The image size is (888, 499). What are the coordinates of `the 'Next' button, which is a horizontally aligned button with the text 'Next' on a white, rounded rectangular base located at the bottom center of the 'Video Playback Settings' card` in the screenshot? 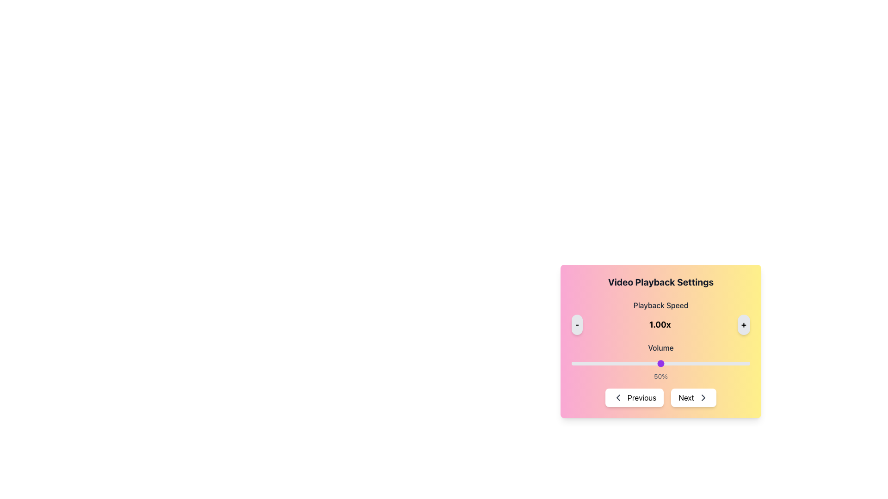 It's located at (693, 397).